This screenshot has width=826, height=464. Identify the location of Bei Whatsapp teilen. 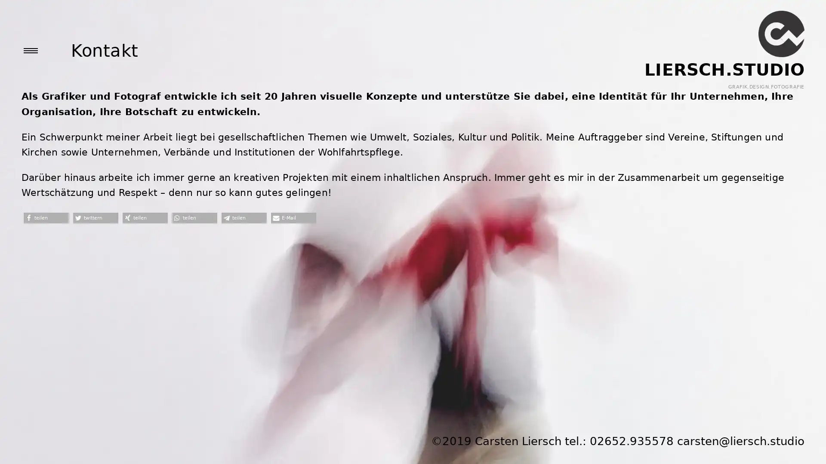
(194, 323).